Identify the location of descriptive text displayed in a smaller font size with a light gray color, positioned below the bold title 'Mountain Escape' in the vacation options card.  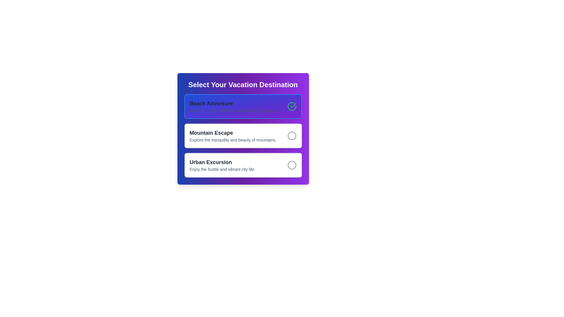
(233, 140).